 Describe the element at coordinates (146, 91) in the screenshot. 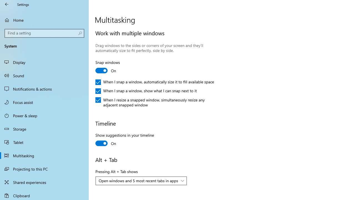

I see `'When I snap a window, show what I can snap next to it'` at that location.